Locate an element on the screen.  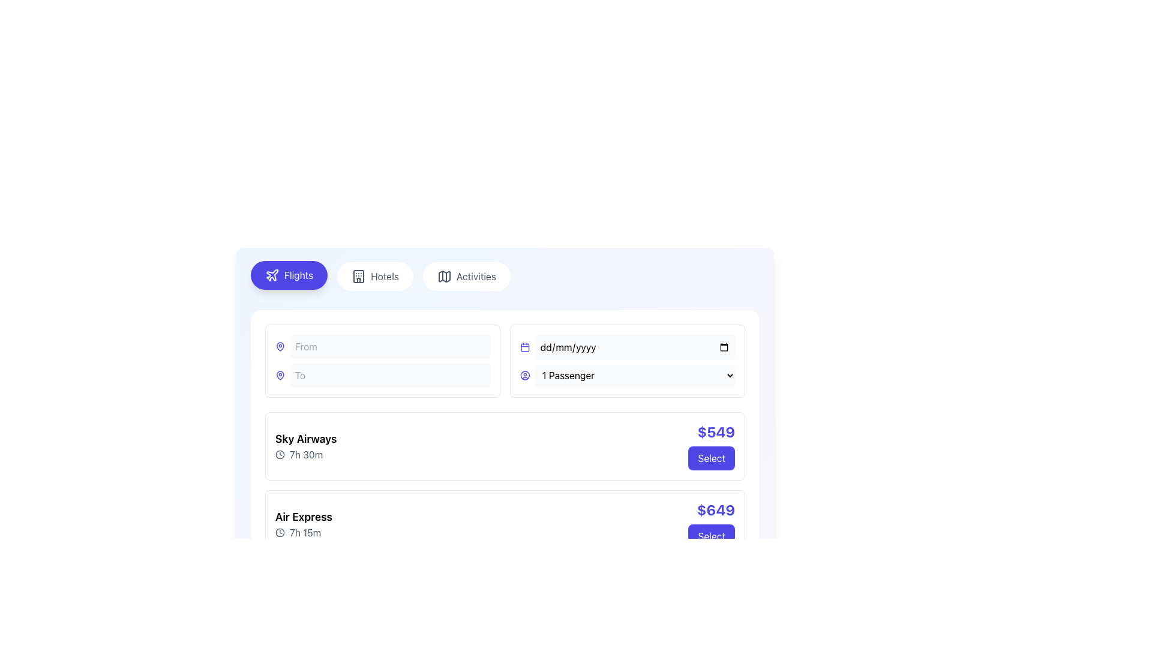
the dropdown menu labeled '1 Passenger' is located at coordinates (634, 374).